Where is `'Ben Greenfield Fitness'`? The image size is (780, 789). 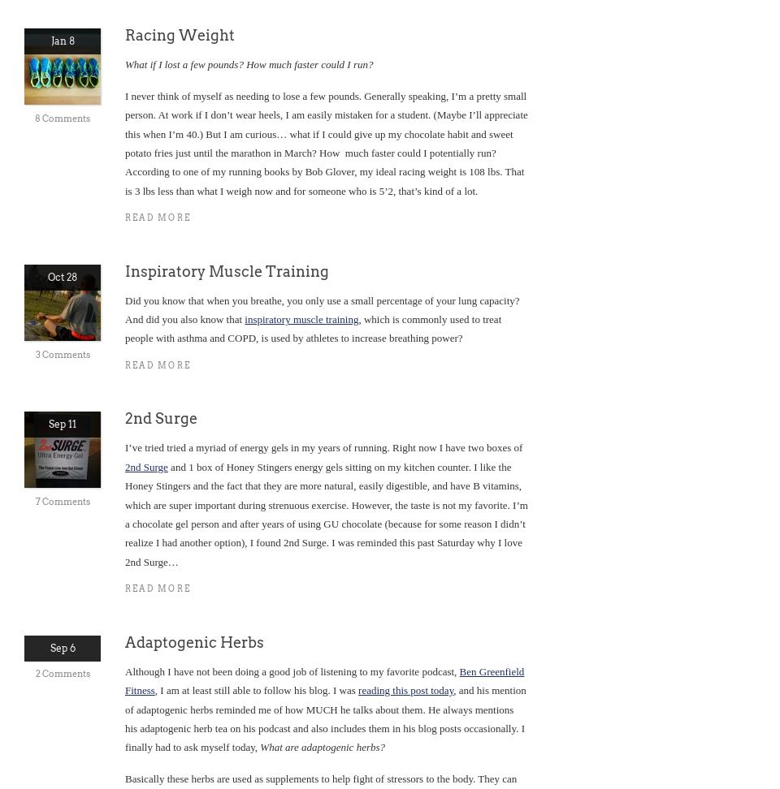
'Ben Greenfield Fitness' is located at coordinates (323, 679).